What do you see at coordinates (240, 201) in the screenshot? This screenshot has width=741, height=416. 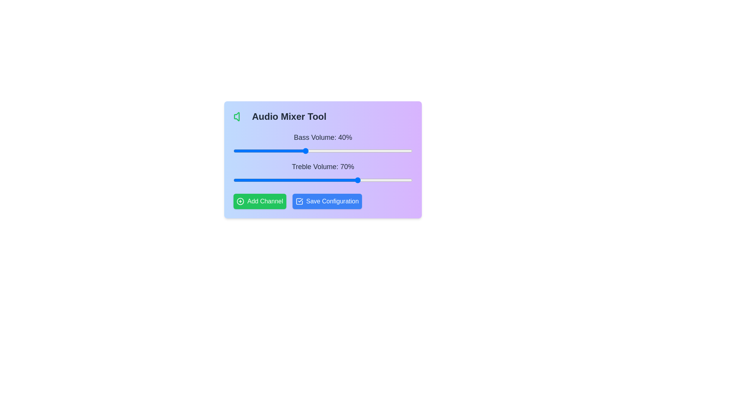 I see `the decorative circular SVG element within the 'Add Channel' button located in the lower-left area of the Audio Mixer Tool interface` at bounding box center [240, 201].